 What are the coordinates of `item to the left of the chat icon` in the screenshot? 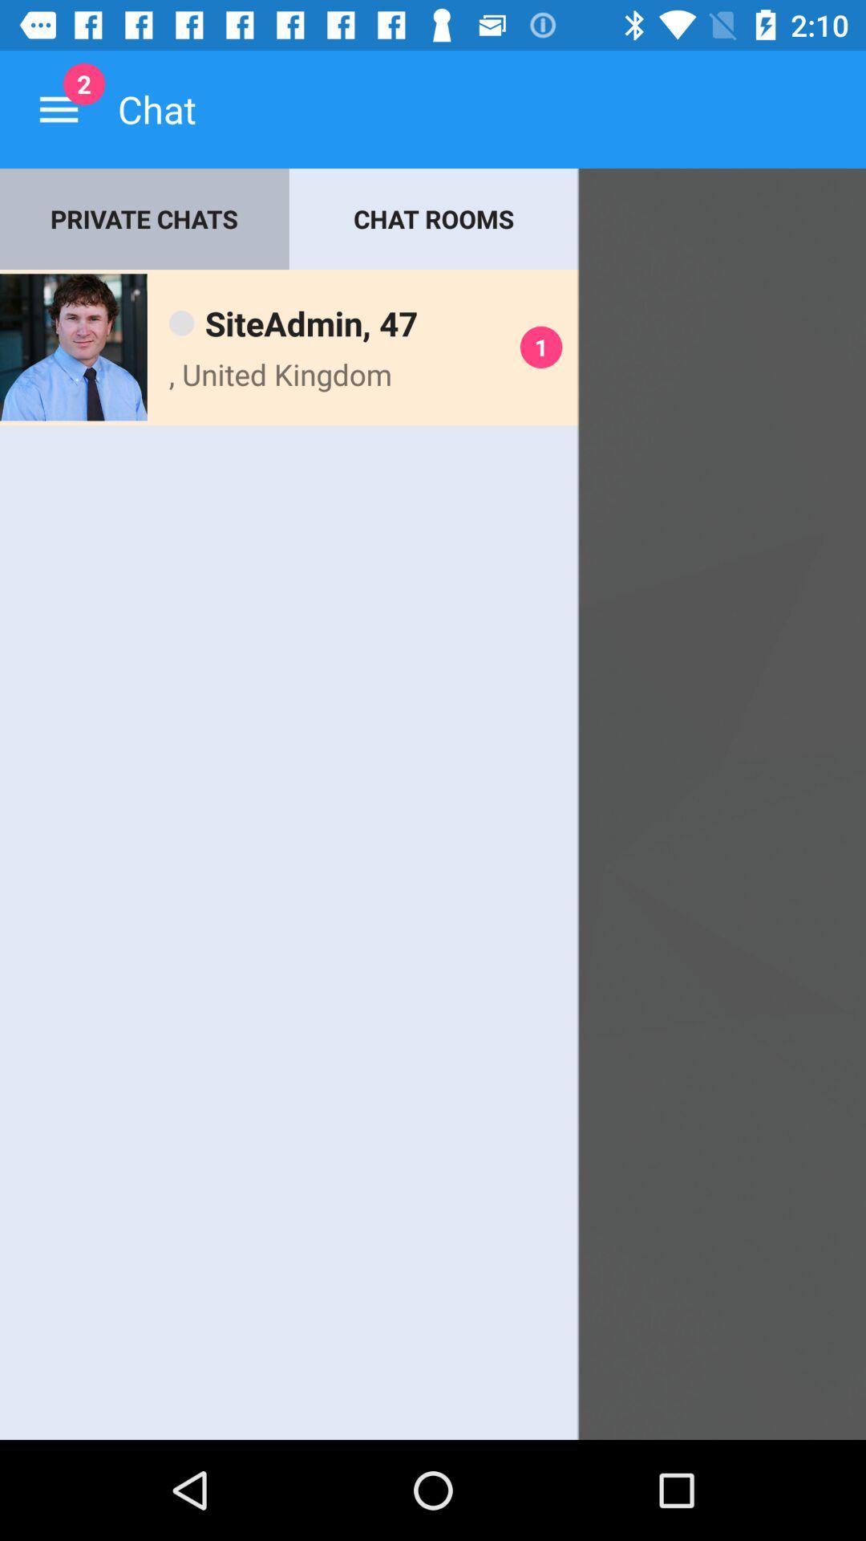 It's located at (58, 108).